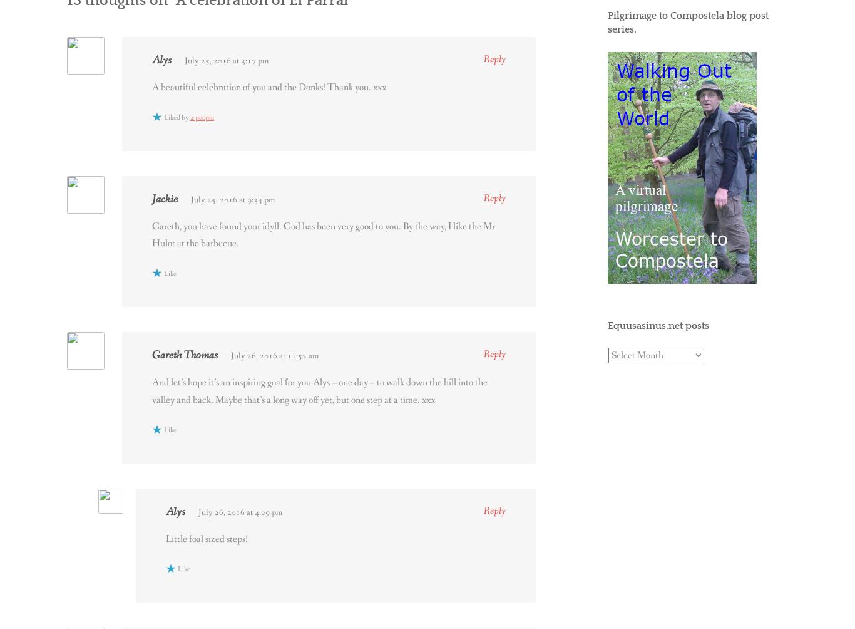  I want to click on '2 people', so click(202, 117).